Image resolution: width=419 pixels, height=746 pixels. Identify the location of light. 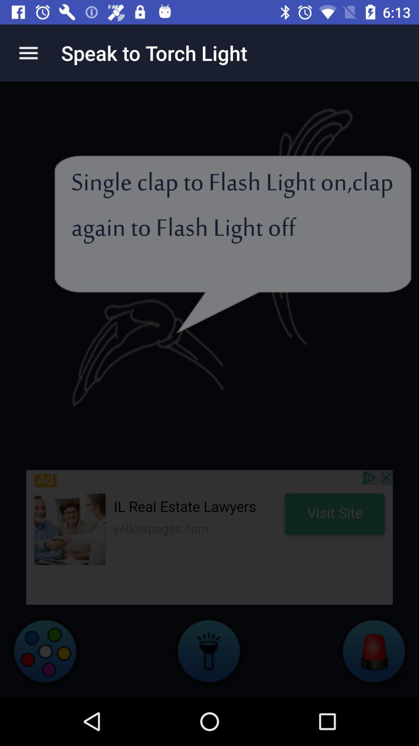
(209, 651).